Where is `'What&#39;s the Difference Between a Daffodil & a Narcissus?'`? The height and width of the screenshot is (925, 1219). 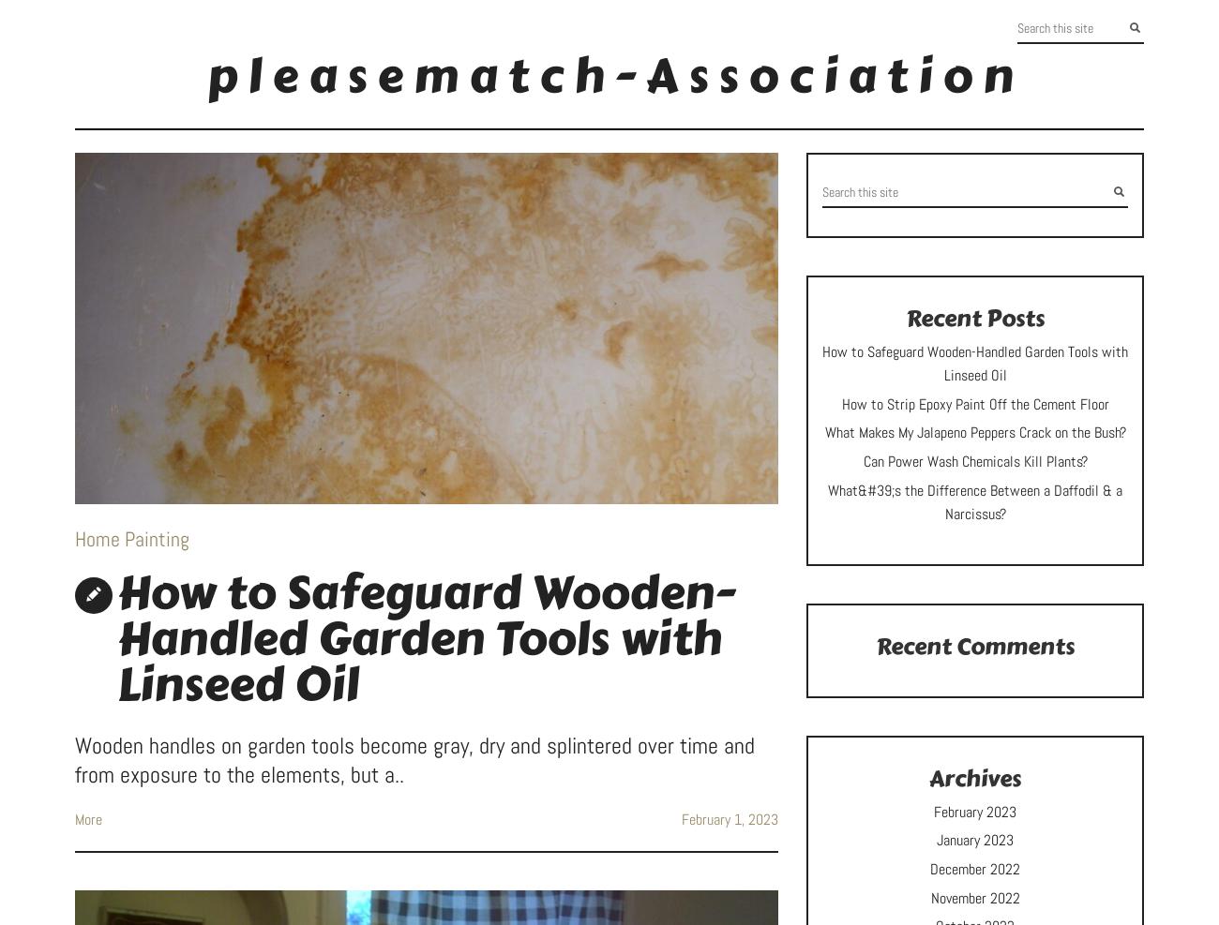
'What&#39;s the Difference Between a Daffodil & a Narcissus?' is located at coordinates (826, 501).